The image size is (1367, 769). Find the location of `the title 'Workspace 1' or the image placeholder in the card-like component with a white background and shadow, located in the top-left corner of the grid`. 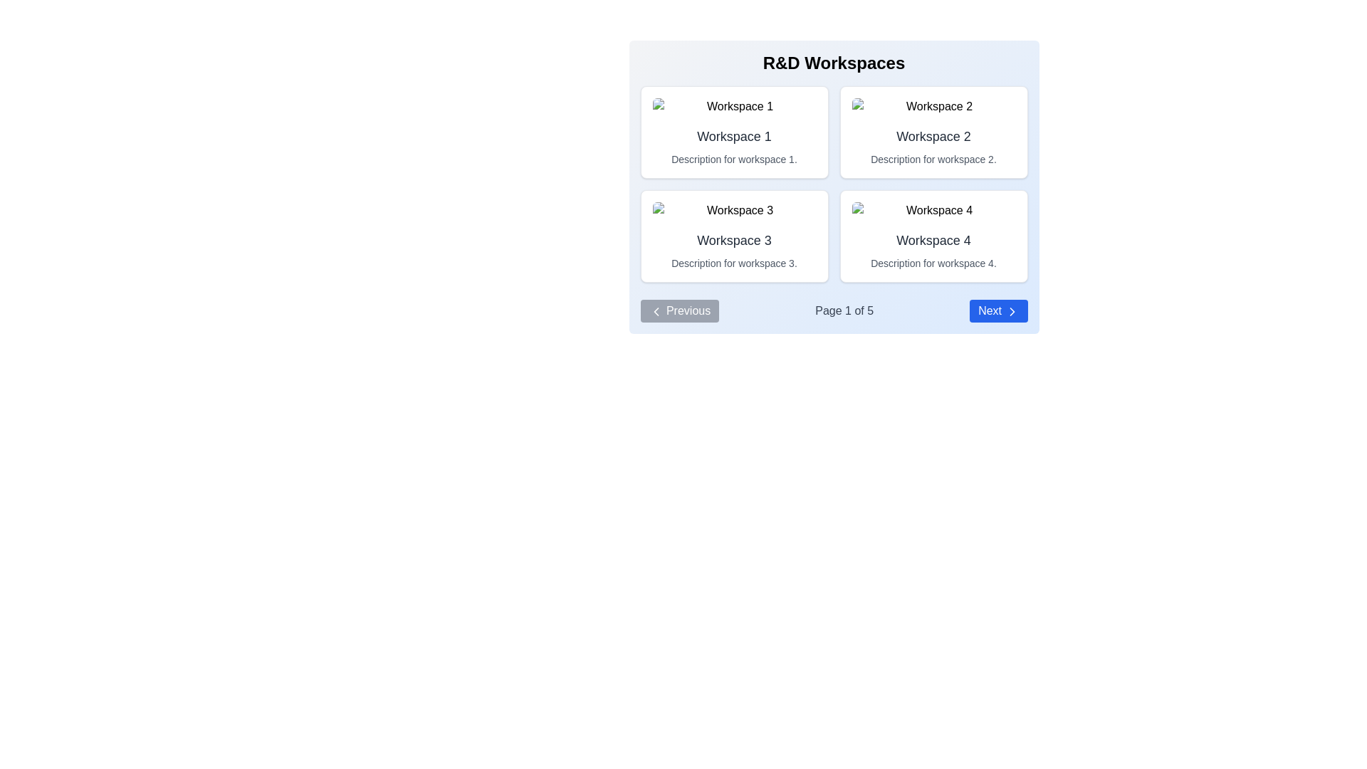

the title 'Workspace 1' or the image placeholder in the card-like component with a white background and shadow, located in the top-left corner of the grid is located at coordinates (734, 132).